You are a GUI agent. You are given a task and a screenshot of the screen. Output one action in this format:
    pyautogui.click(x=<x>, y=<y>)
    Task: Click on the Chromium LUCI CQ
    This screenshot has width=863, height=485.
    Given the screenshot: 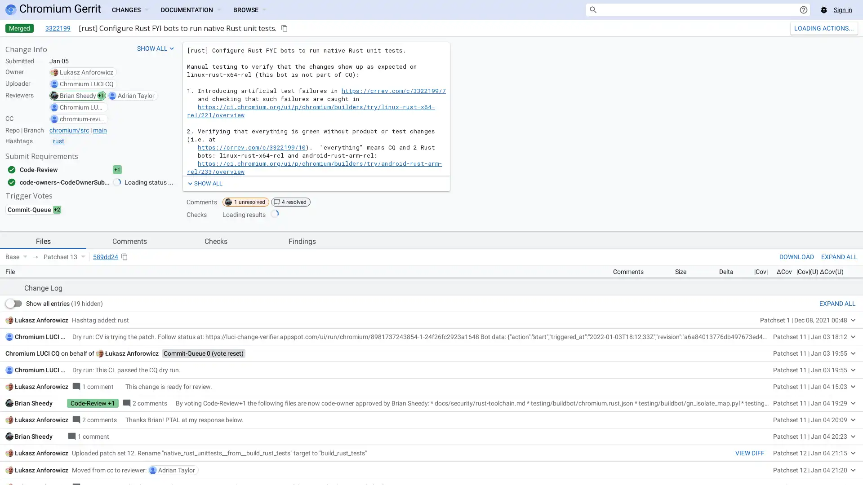 What is the action you would take?
    pyautogui.click(x=82, y=107)
    